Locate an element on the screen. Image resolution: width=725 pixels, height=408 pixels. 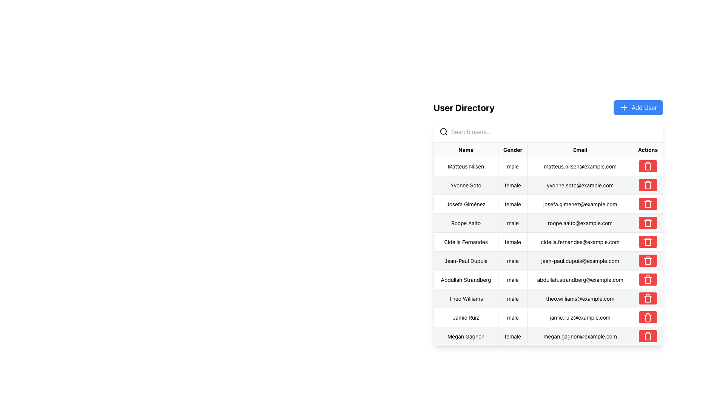
the text field displaying 'female' in the Gender column for the row of 'Cidélia Fernandes' is located at coordinates (513, 242).